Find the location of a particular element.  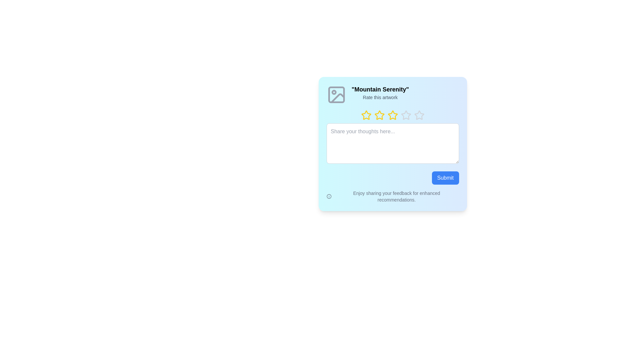

the rating to 4 stars by clicking on the respective star is located at coordinates (400, 115).